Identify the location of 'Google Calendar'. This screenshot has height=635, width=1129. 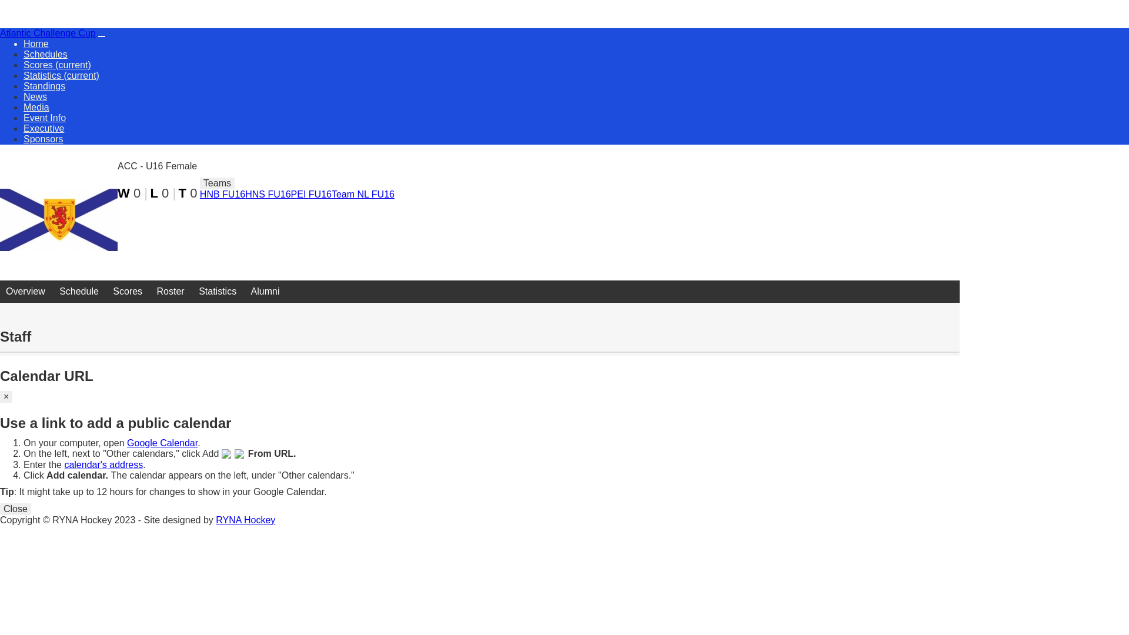
(161, 443).